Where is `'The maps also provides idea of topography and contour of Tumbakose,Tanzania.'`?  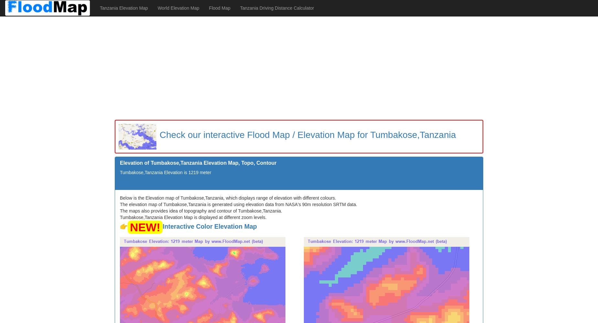
'The maps also provides idea of topography and contour of Tumbakose,Tanzania.' is located at coordinates (201, 211).